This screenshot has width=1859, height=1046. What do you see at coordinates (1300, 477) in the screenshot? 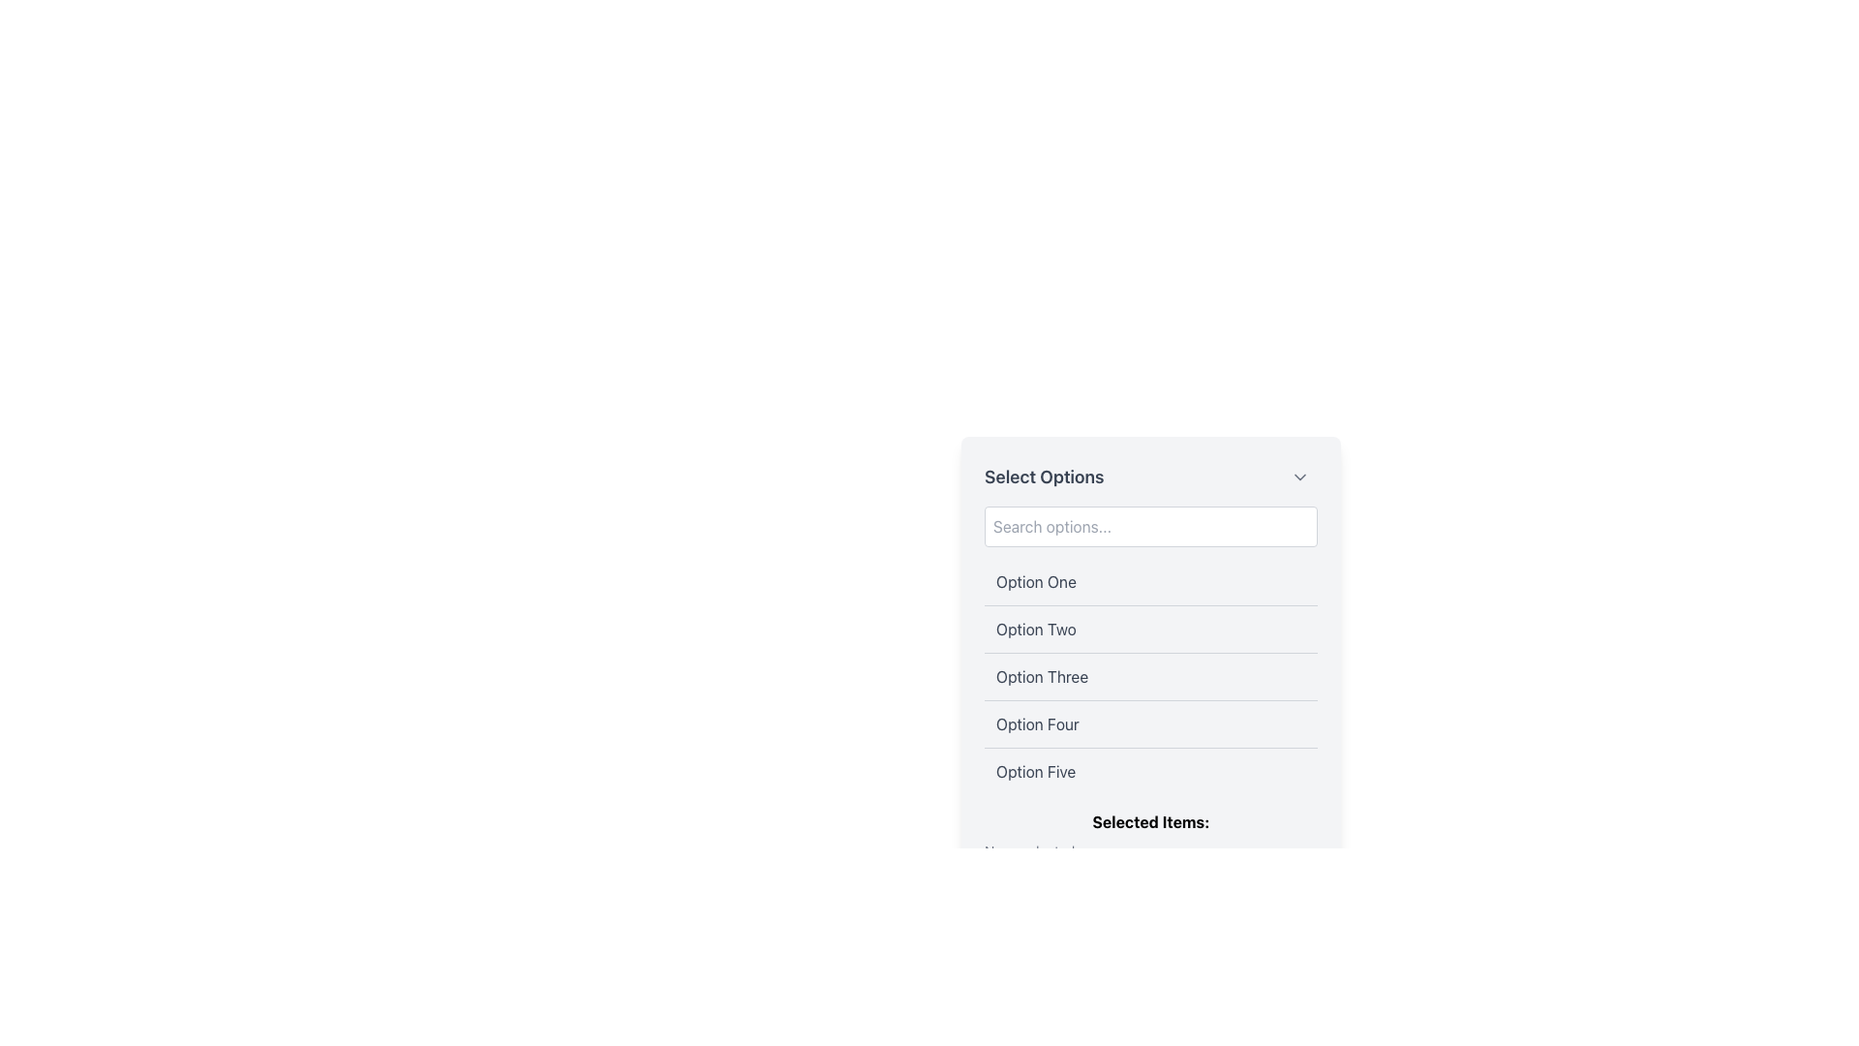
I see `the small gray chevron-down icon located on the right side of the 'Search options...' input field within the 'Select Options' dropdown menu` at bounding box center [1300, 477].